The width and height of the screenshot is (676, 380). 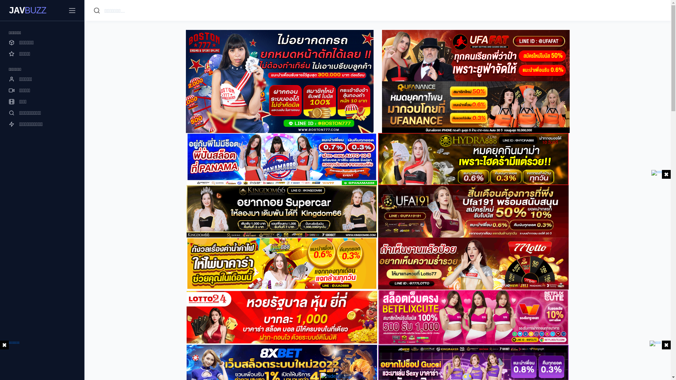 I want to click on 'JAVBUZZ', so click(x=27, y=10).